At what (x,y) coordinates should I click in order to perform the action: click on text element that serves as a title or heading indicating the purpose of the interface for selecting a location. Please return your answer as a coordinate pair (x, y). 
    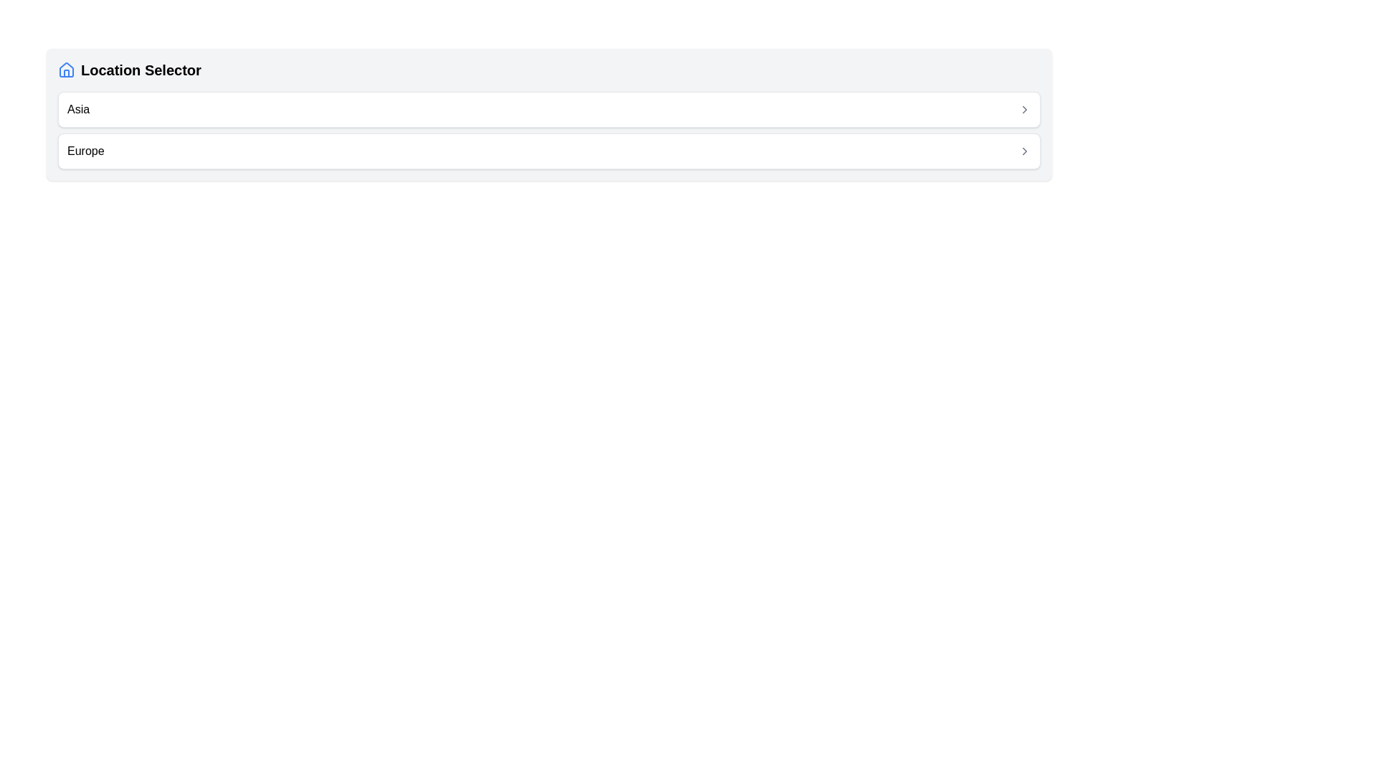
    Looking at the image, I should click on (129, 70).